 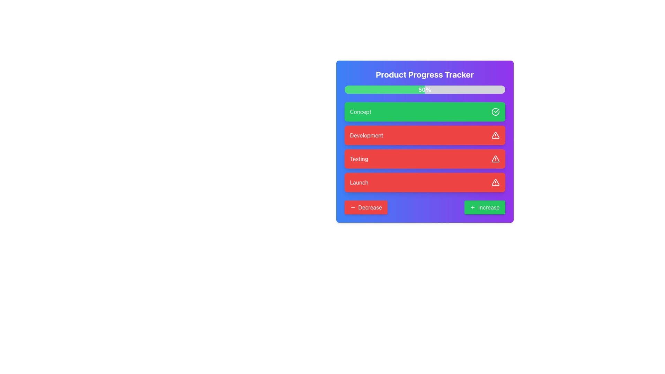 I want to click on the 'Development' phase progress stage display element to focus on it in the Product Progress Tracker interface, so click(x=424, y=141).